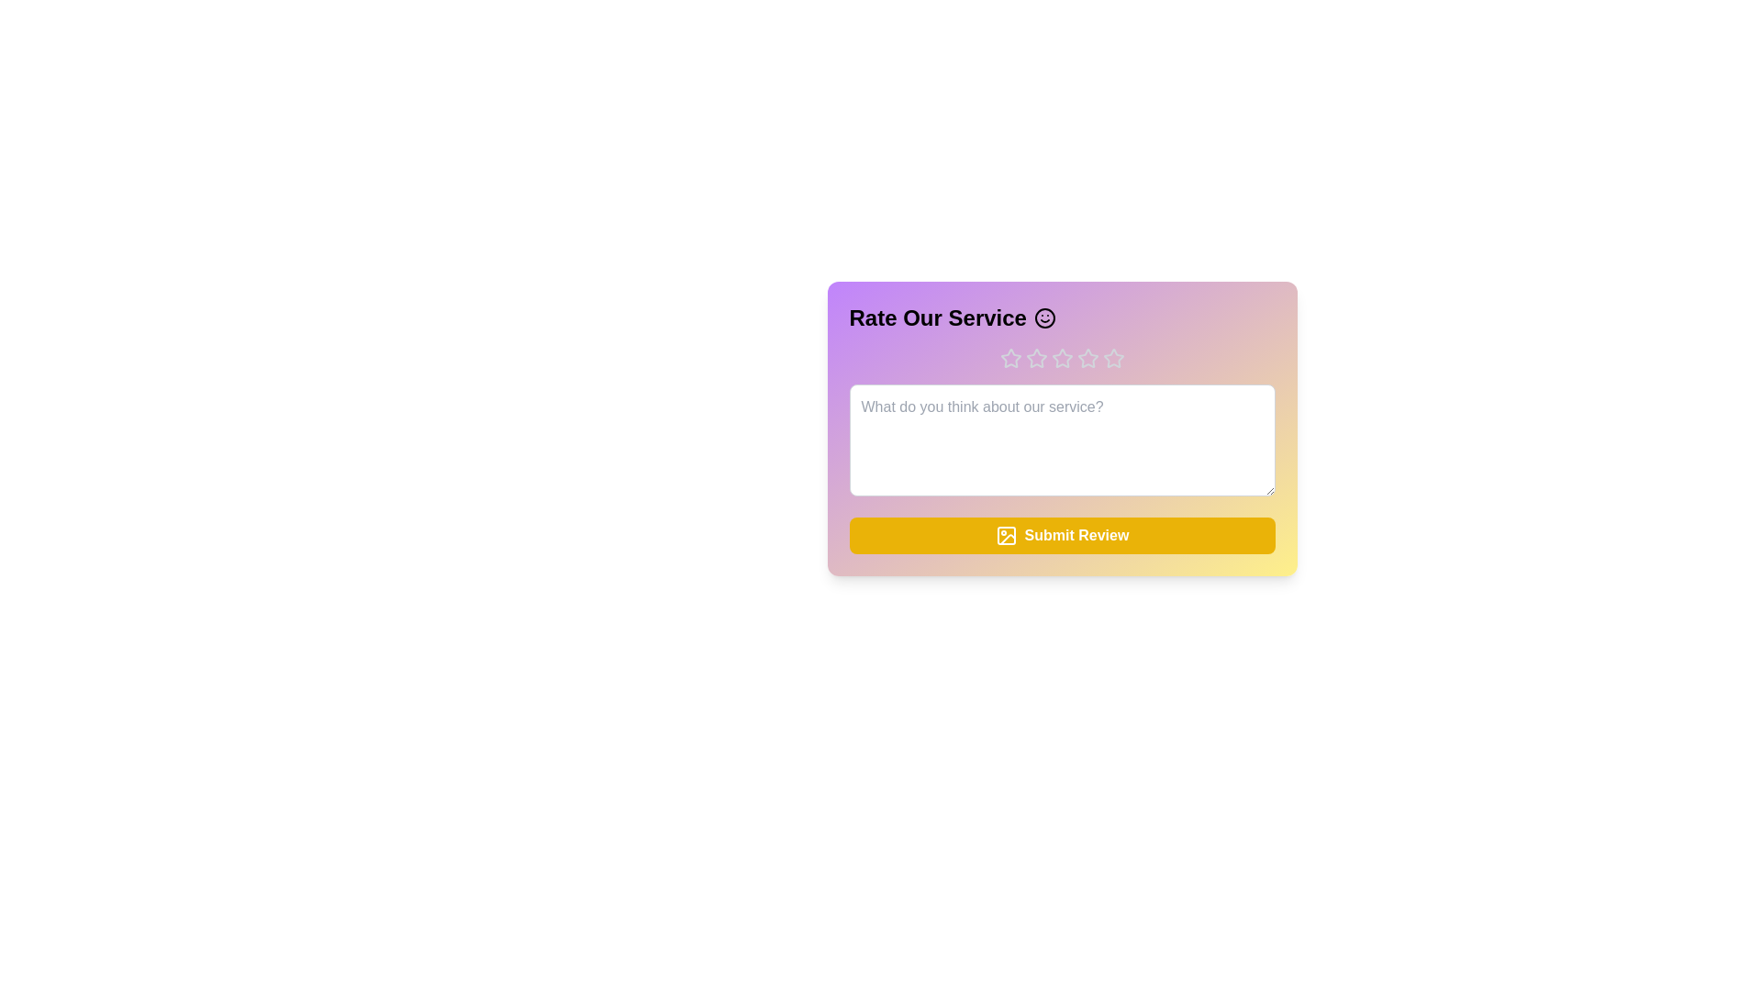 Image resolution: width=1762 pixels, height=991 pixels. I want to click on the star corresponding to the desired rating value 5, so click(1112, 358).